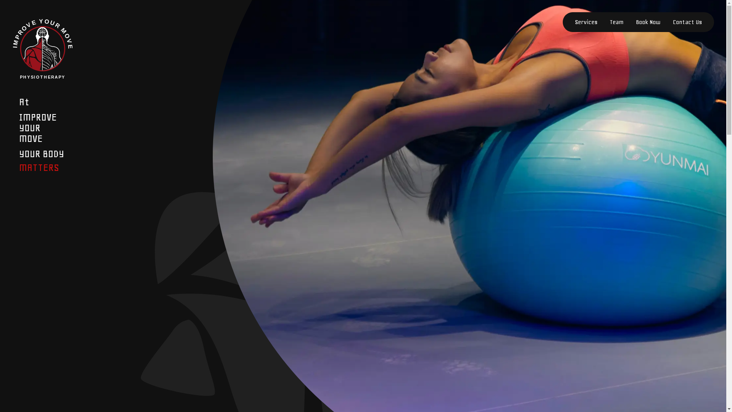  Describe the element at coordinates (648, 21) in the screenshot. I see `'Book Now'` at that location.